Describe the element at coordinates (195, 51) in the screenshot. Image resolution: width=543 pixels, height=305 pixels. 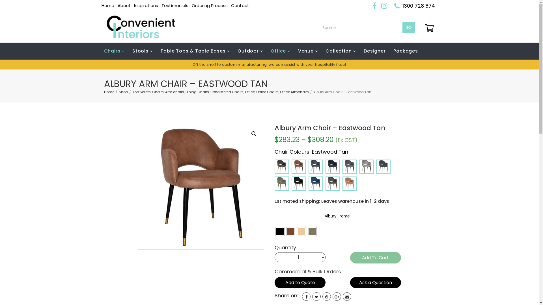
I see `'Table Tops & Table Bases'` at that location.